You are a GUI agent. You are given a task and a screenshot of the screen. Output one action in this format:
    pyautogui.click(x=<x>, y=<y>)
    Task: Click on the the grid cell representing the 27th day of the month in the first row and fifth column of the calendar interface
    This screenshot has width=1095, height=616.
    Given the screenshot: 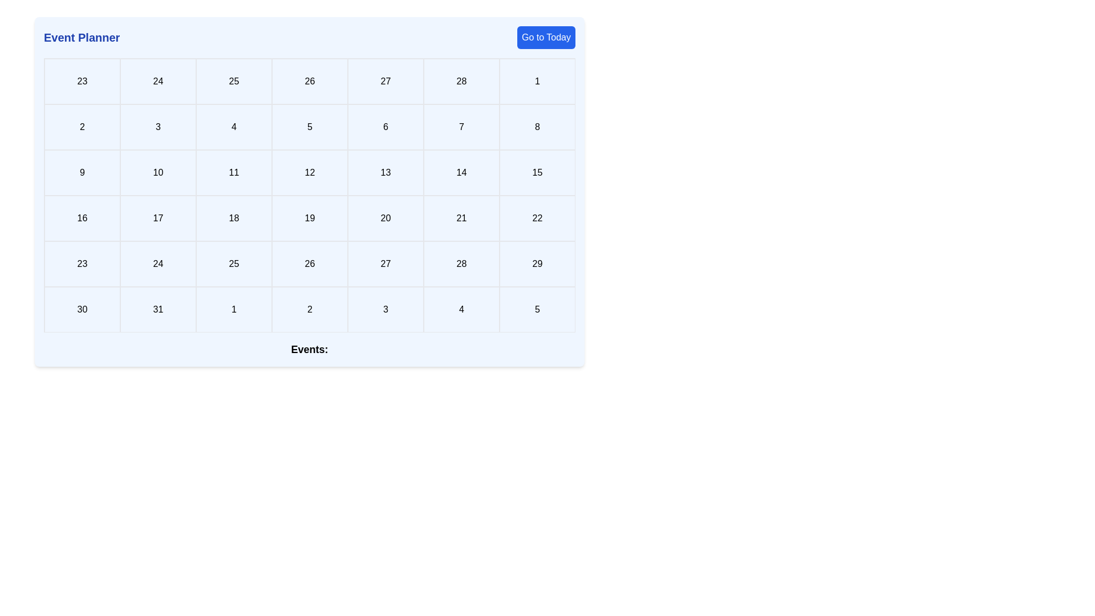 What is the action you would take?
    pyautogui.click(x=386, y=80)
    